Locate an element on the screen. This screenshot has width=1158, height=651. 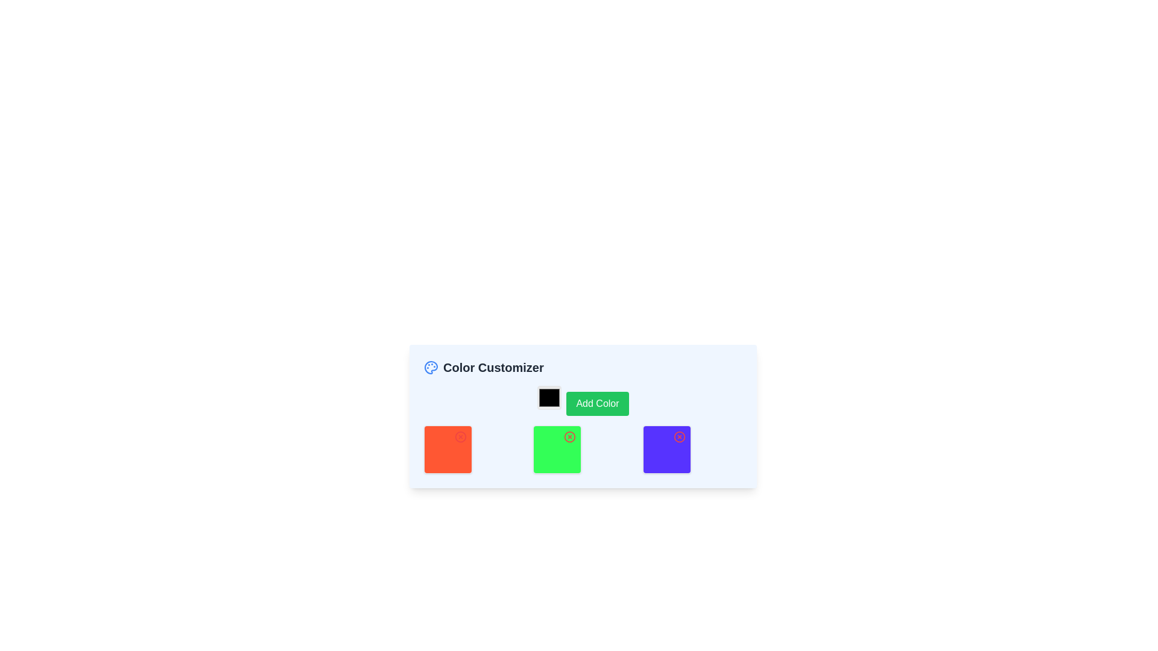
the button used to add the currently selected color to a list of favorite colors, which is located within the blue-tinted panel titled 'Color Customizer', immediately to the right of a black square color input box is located at coordinates (583, 400).